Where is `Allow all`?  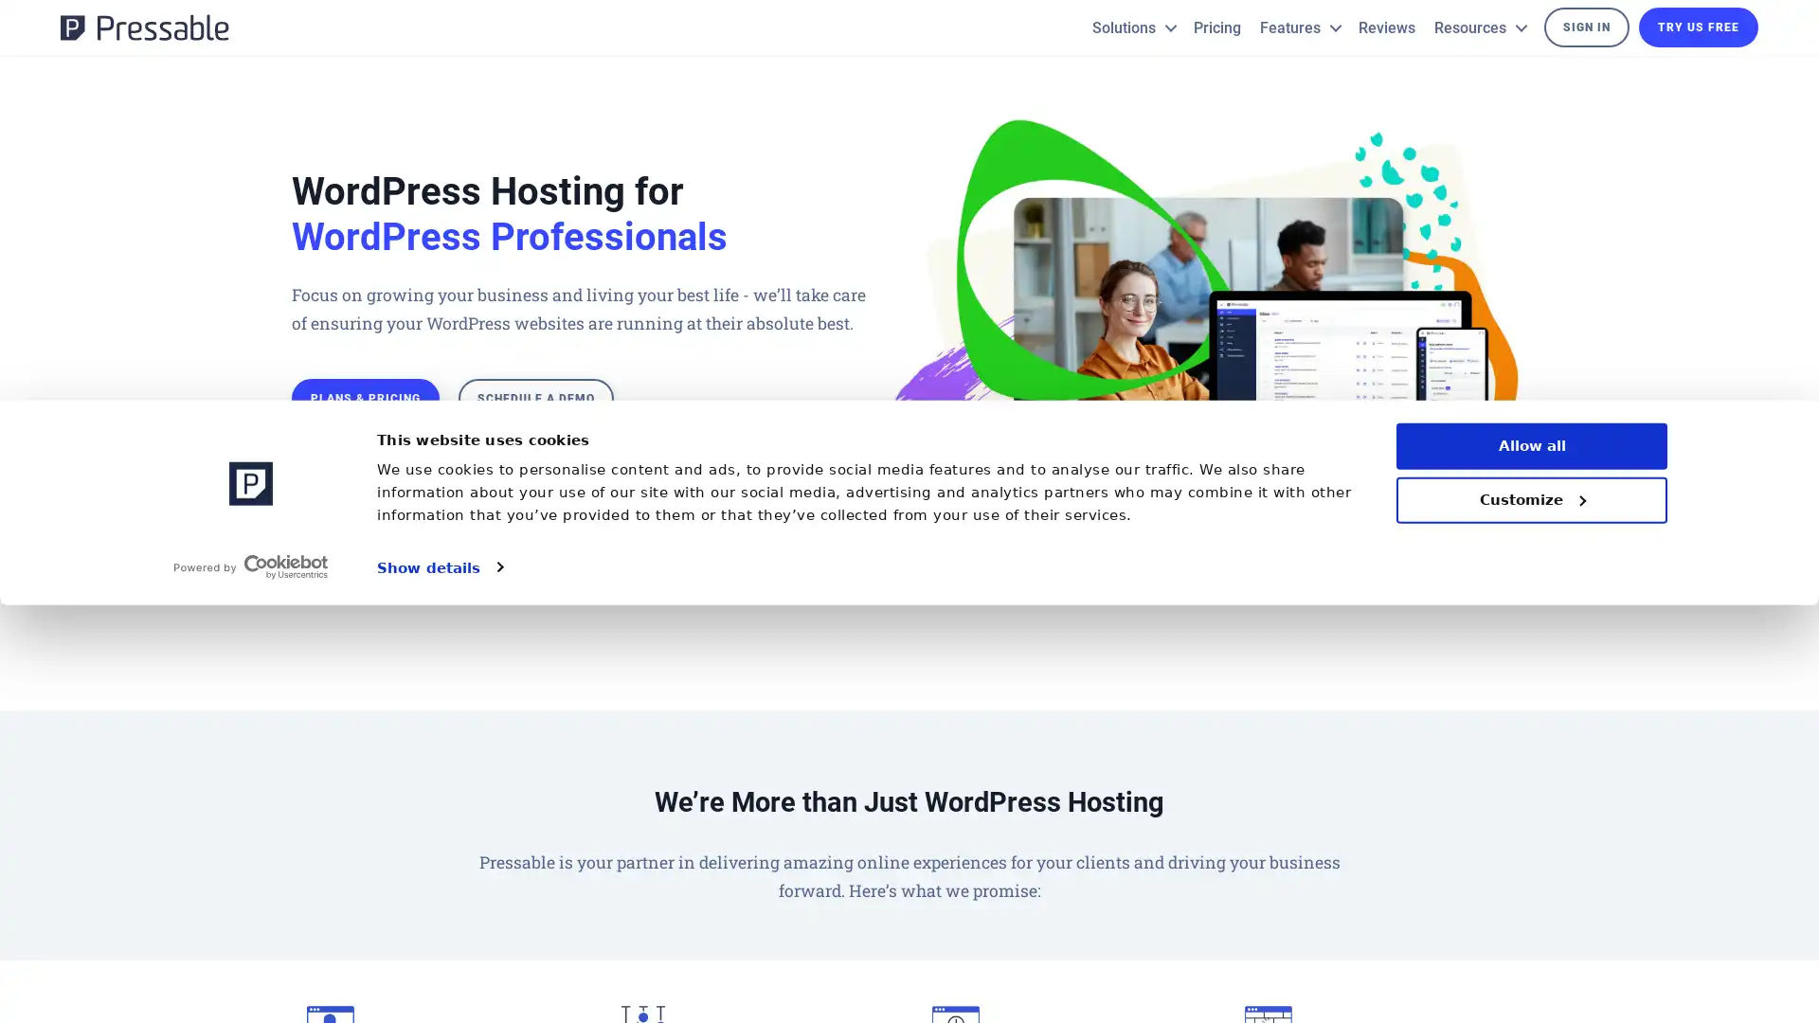 Allow all is located at coordinates (1532, 864).